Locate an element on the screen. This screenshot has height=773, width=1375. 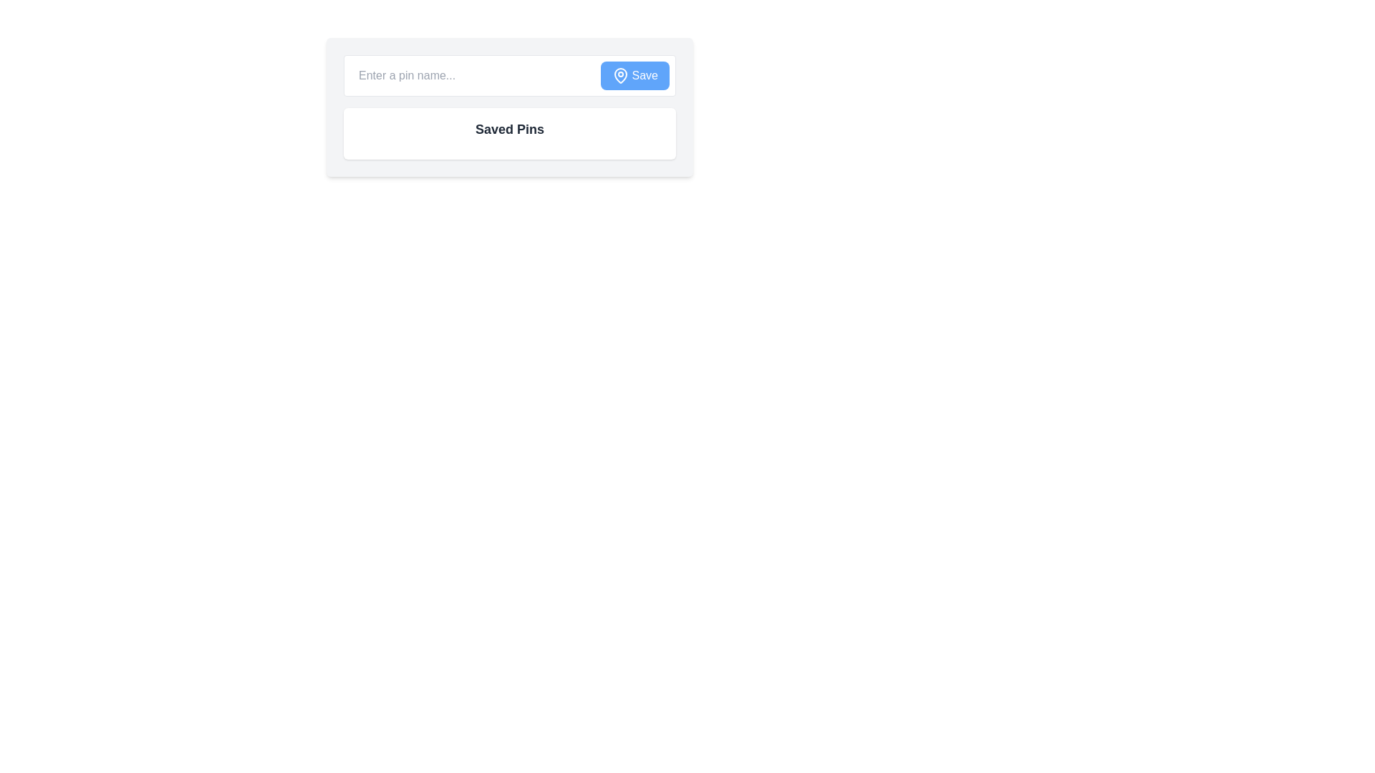
the Text label indicating 'Saved Pins', which serves as a title or header and is located within a white box below the input field is located at coordinates (509, 130).